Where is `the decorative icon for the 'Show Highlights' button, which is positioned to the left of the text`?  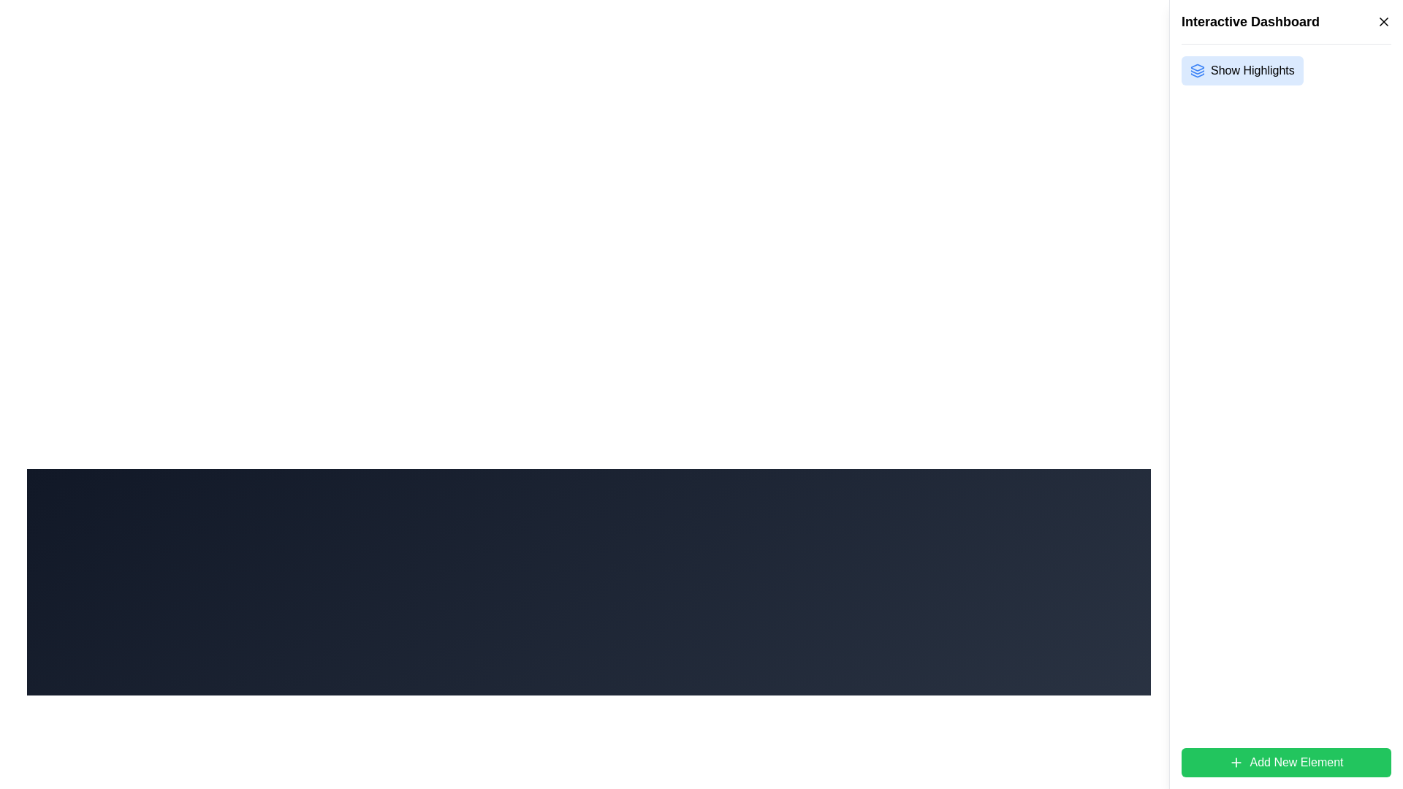 the decorative icon for the 'Show Highlights' button, which is positioned to the left of the text is located at coordinates (1197, 70).